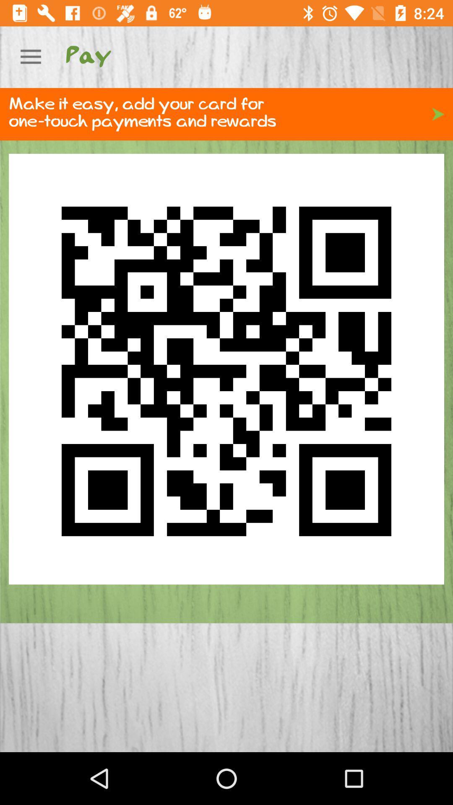  Describe the element at coordinates (226, 114) in the screenshot. I see `make it easy item` at that location.